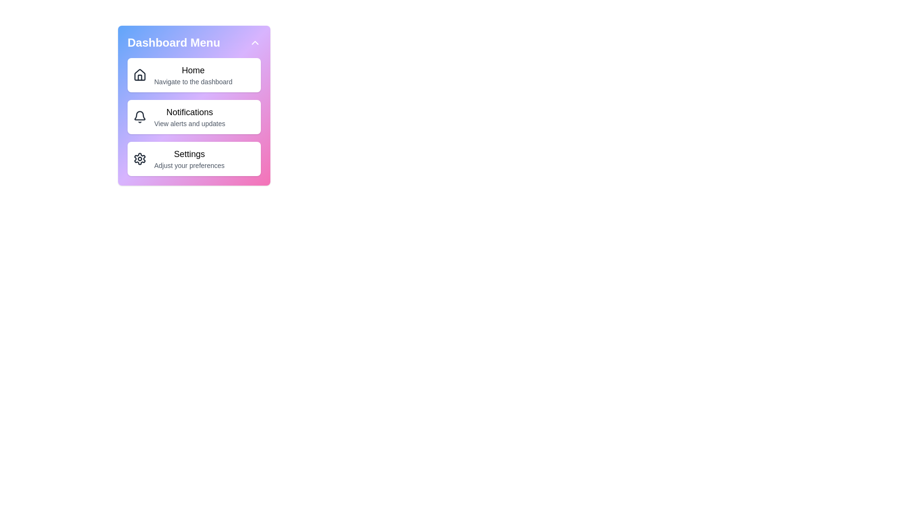 The width and height of the screenshot is (914, 514). Describe the element at coordinates (194, 117) in the screenshot. I see `the menu item Notifications to reveal additional details` at that location.